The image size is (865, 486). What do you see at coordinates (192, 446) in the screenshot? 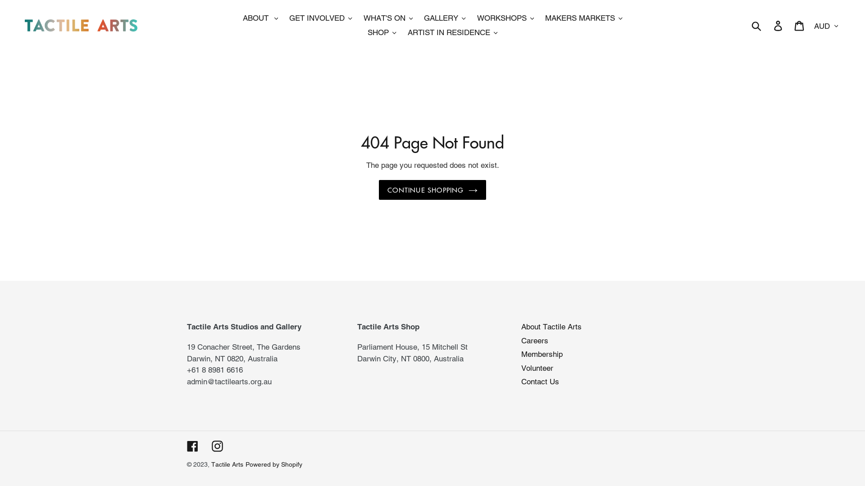
I see `'Facebook'` at bounding box center [192, 446].